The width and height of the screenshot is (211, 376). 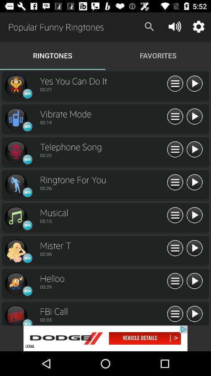 I want to click on song, so click(x=194, y=314).